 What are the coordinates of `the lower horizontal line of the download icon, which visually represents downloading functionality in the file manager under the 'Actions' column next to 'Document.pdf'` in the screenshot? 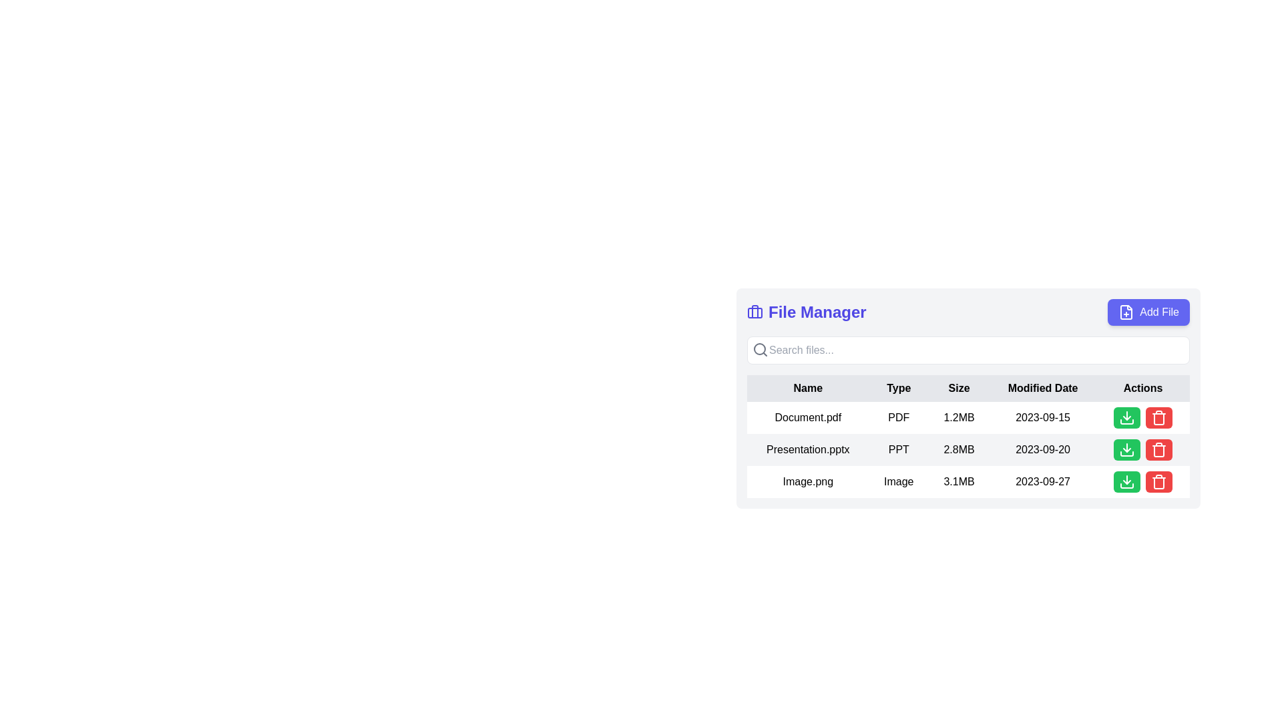 It's located at (1126, 422).